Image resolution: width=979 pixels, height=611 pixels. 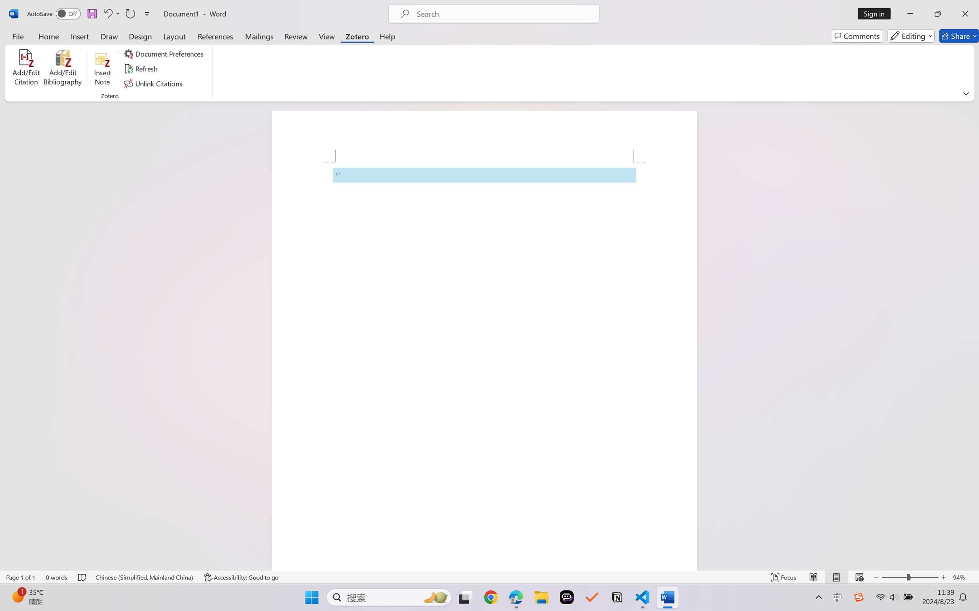 What do you see at coordinates (62, 69) in the screenshot?
I see `'Add/Edit Bibliography'` at bounding box center [62, 69].